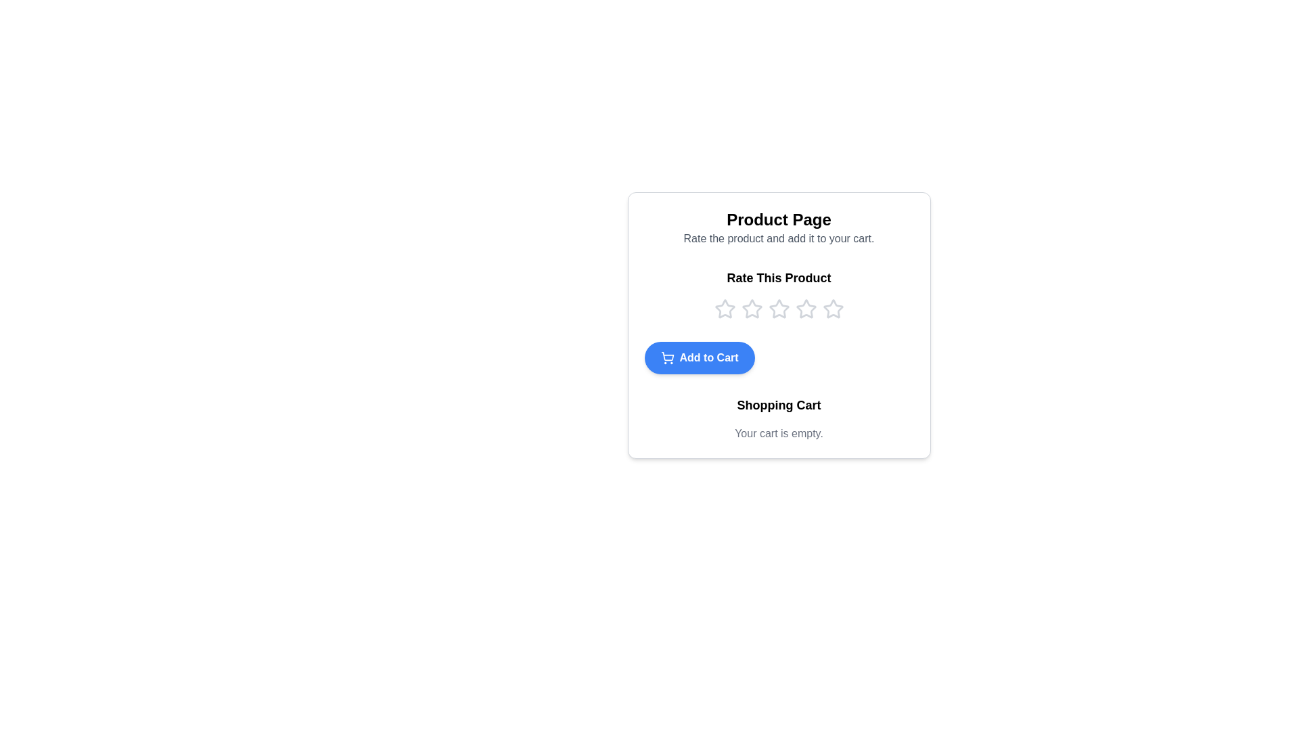 The image size is (1299, 731). What do you see at coordinates (806, 309) in the screenshot?
I see `the third star rating icon` at bounding box center [806, 309].